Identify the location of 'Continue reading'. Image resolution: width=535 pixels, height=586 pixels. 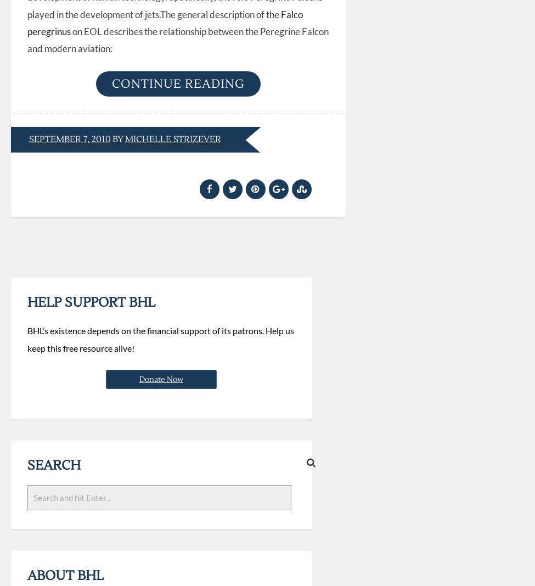
(177, 84).